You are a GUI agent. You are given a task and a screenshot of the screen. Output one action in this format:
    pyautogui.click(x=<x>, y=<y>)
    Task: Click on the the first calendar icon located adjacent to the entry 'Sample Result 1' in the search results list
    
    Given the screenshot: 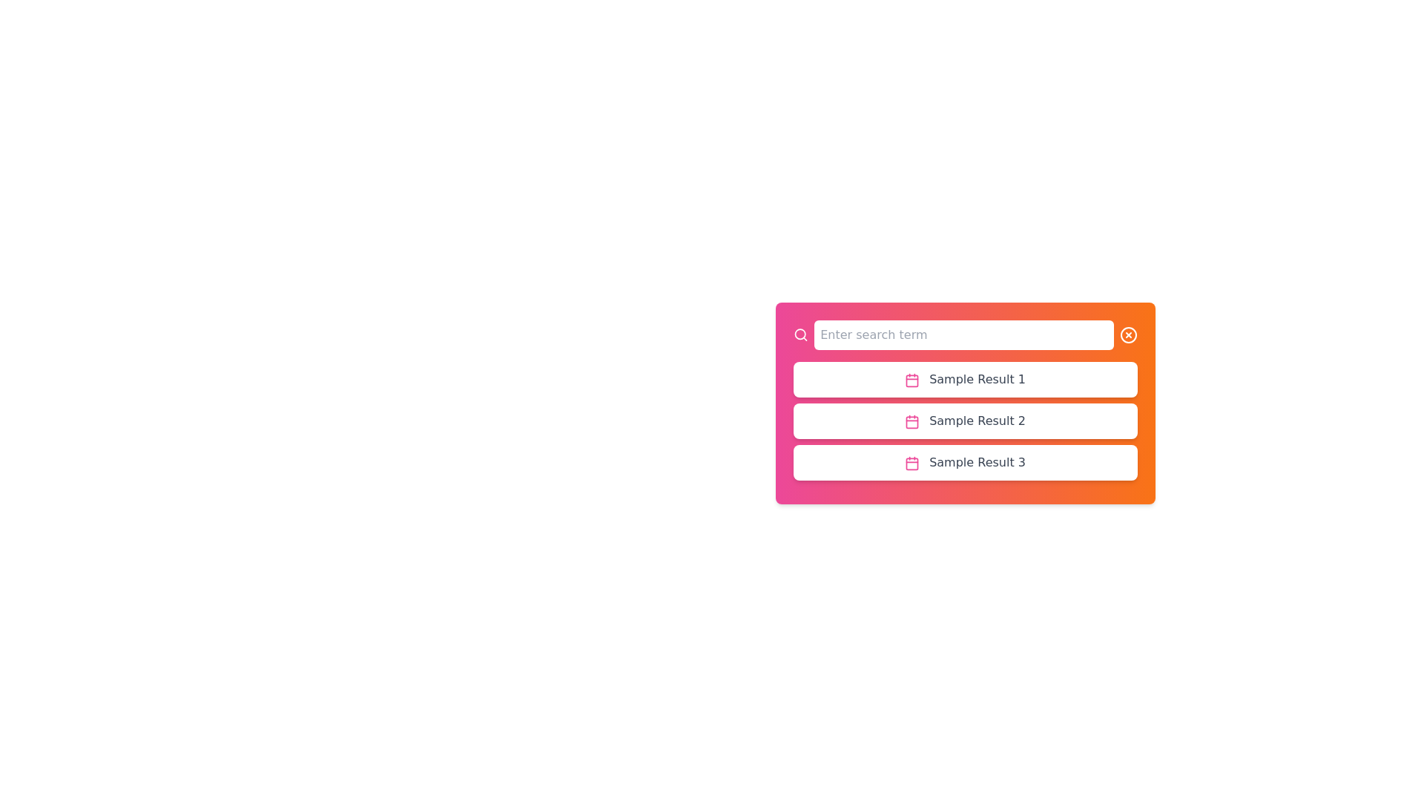 What is the action you would take?
    pyautogui.click(x=912, y=379)
    